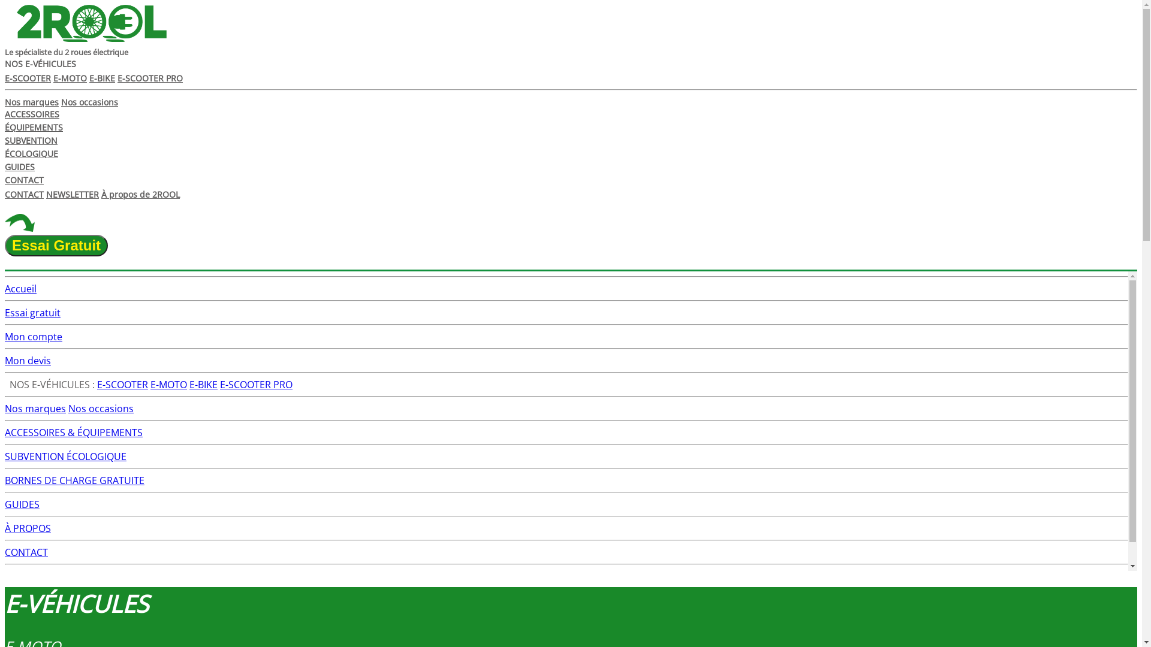 Image resolution: width=1151 pixels, height=647 pixels. I want to click on 'E-SCOOTER', so click(122, 384).